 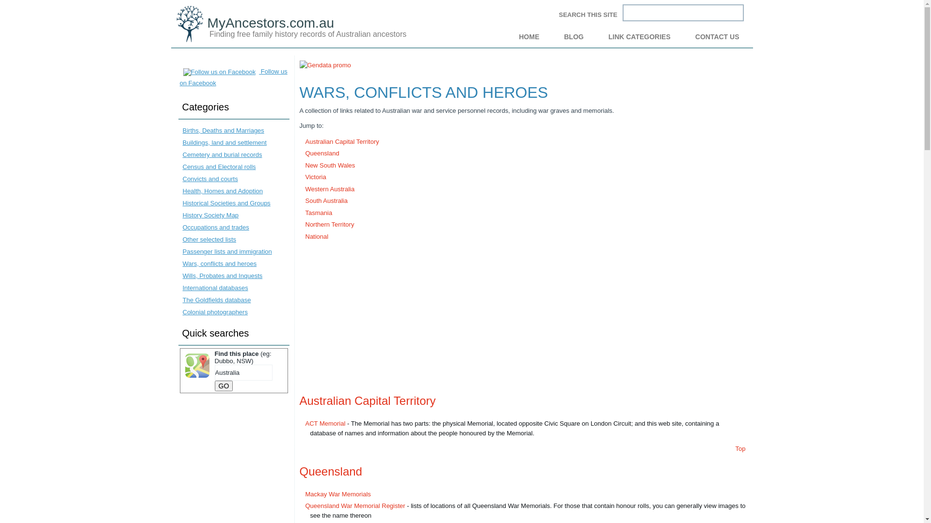 I want to click on 'Passenger lists and immigration', so click(x=182, y=251).